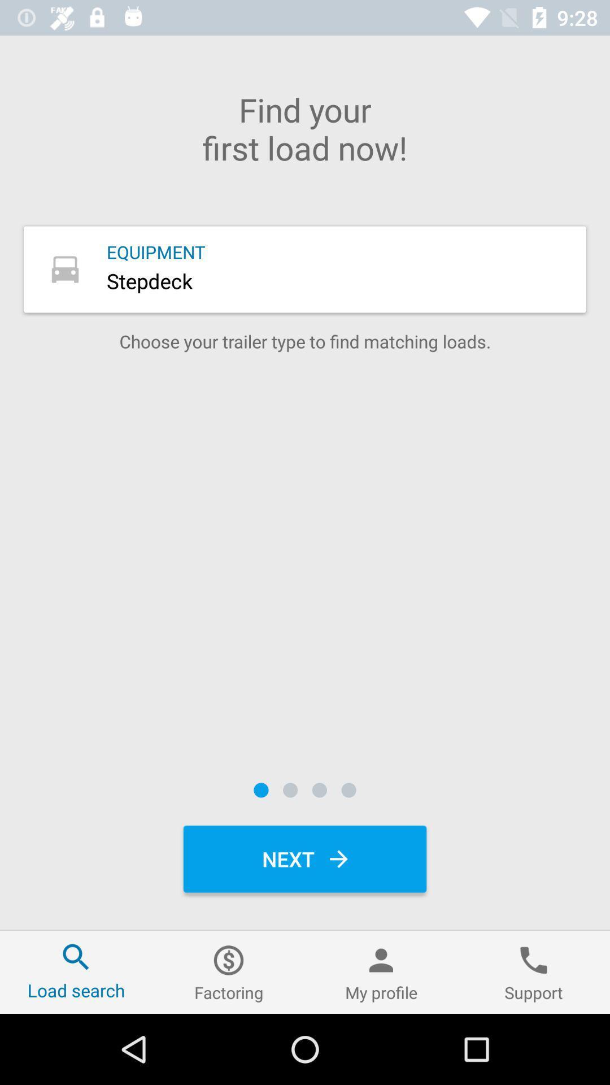  I want to click on the left of my profile, so click(229, 971).